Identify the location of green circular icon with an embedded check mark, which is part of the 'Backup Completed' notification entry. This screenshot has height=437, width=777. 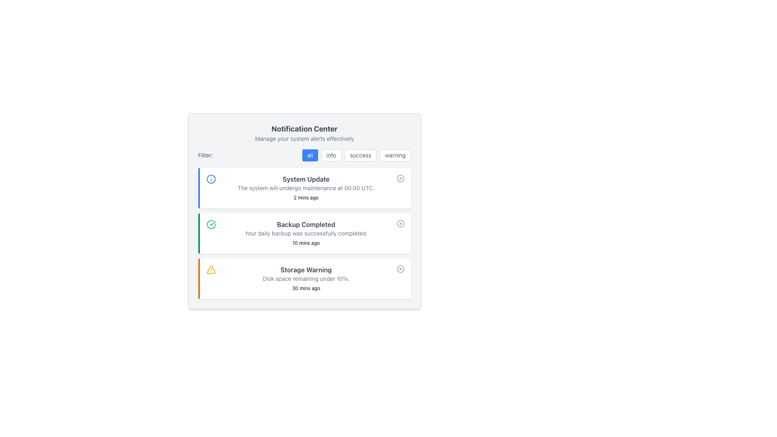
(211, 225).